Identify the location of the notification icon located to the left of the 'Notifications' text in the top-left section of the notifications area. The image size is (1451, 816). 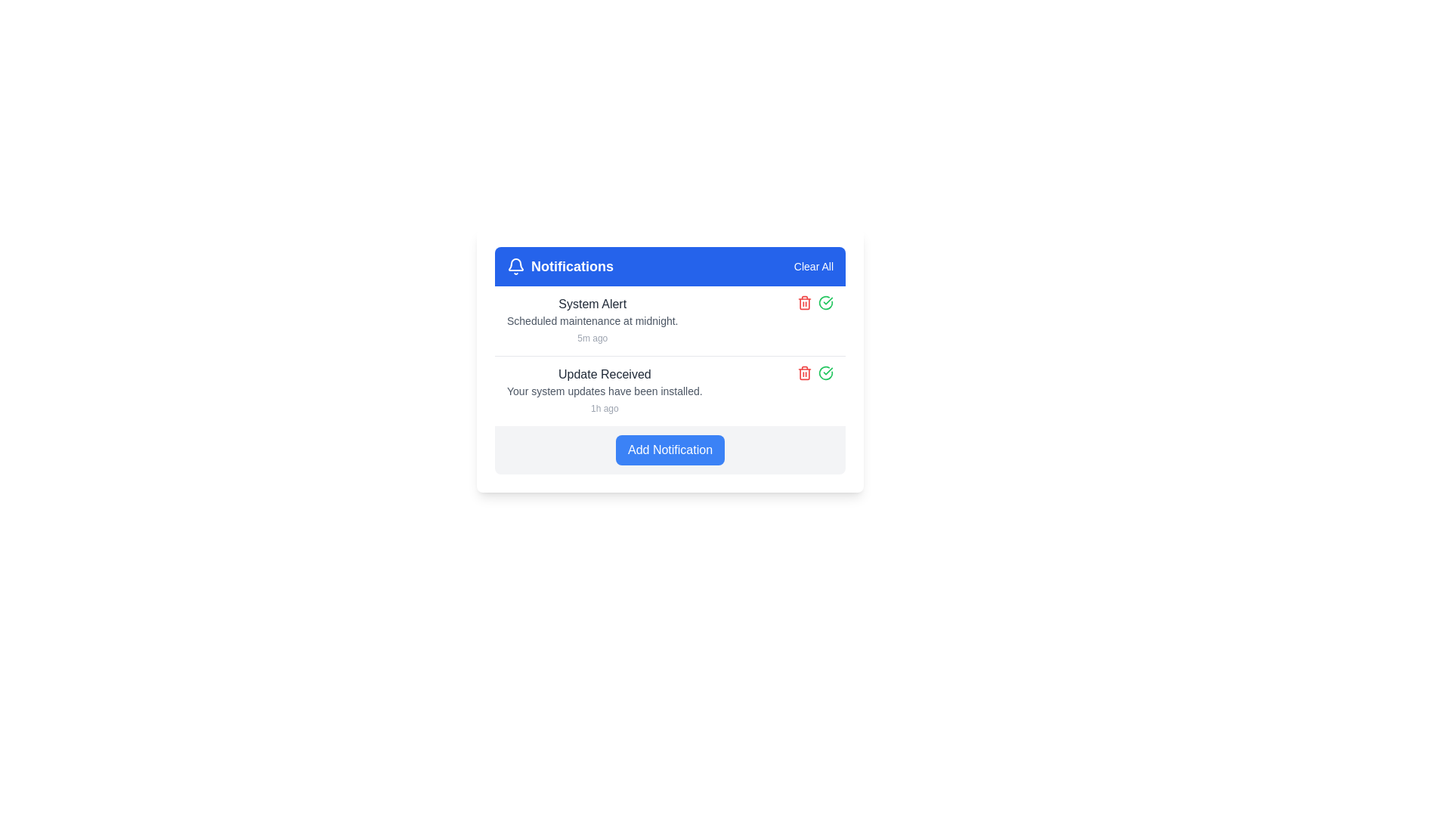
(515, 264).